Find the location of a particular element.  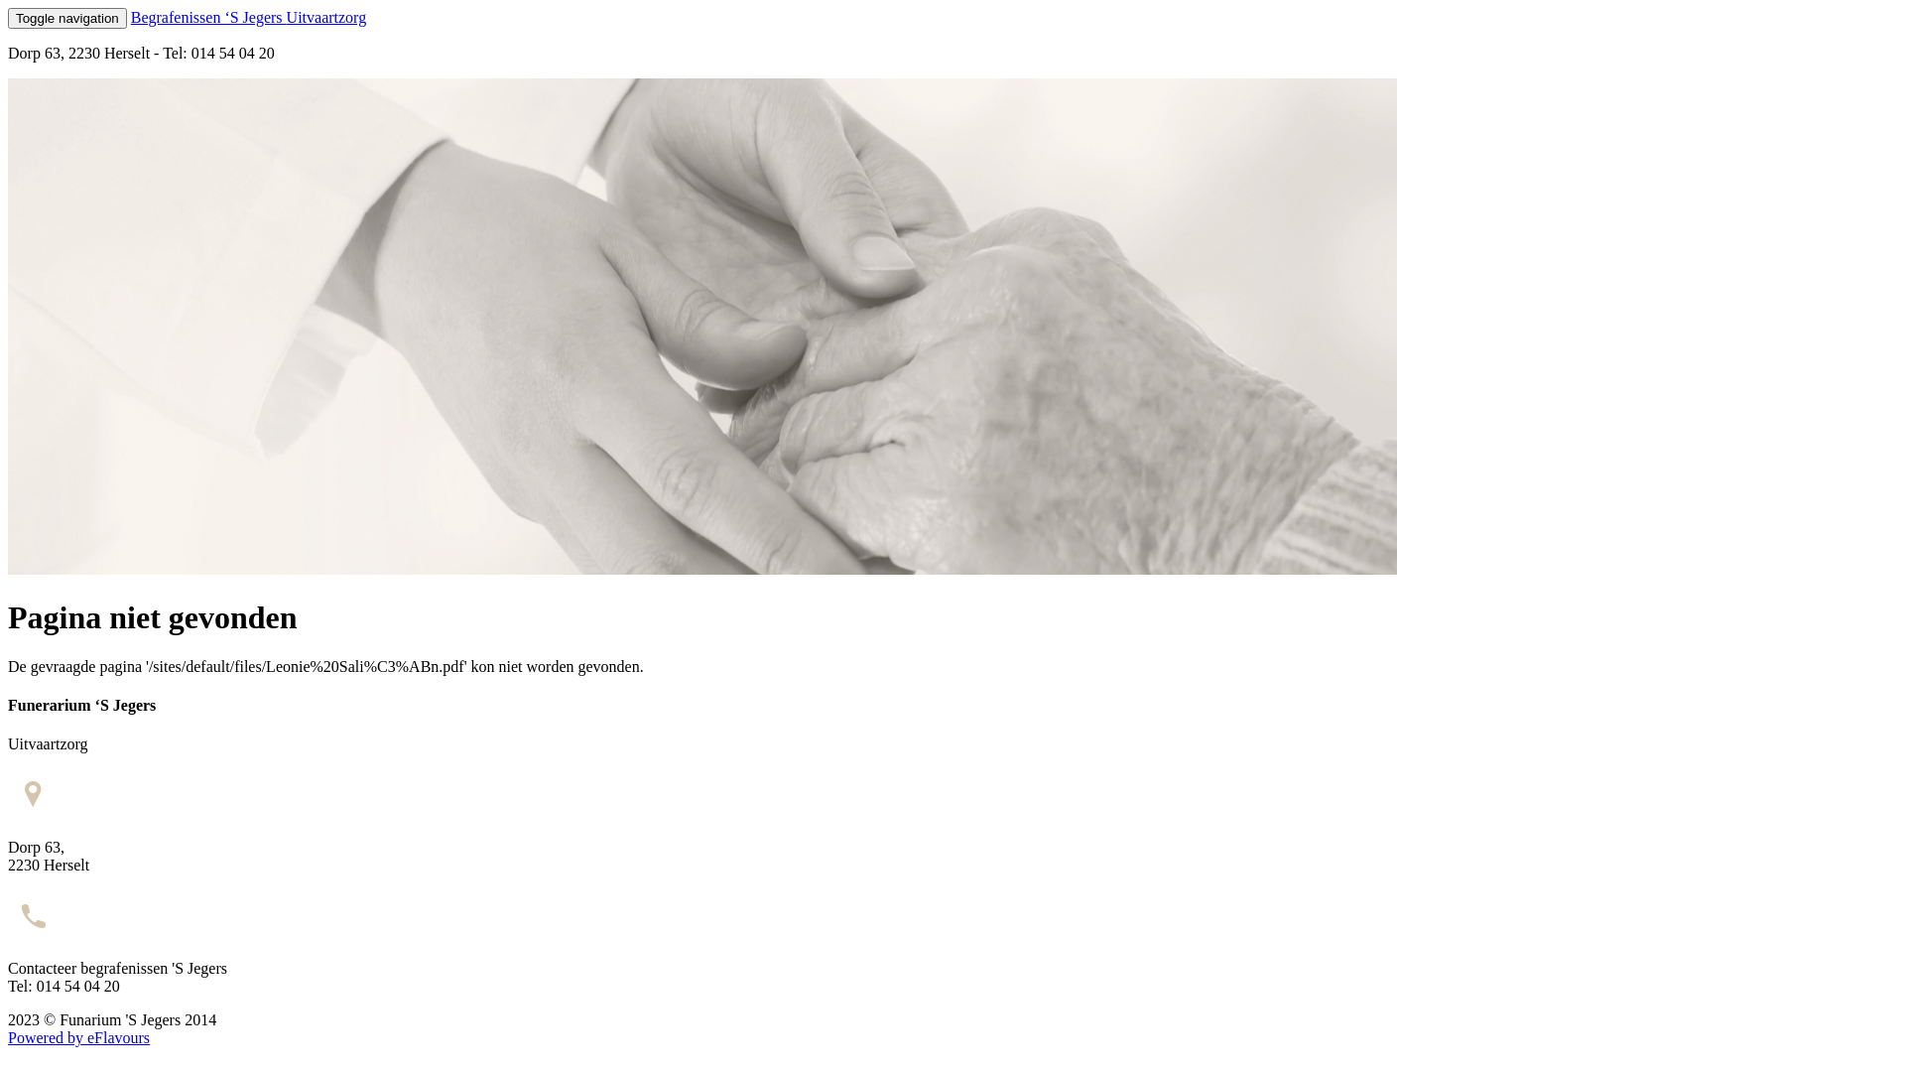

'Toggle navigation' is located at coordinates (8, 18).